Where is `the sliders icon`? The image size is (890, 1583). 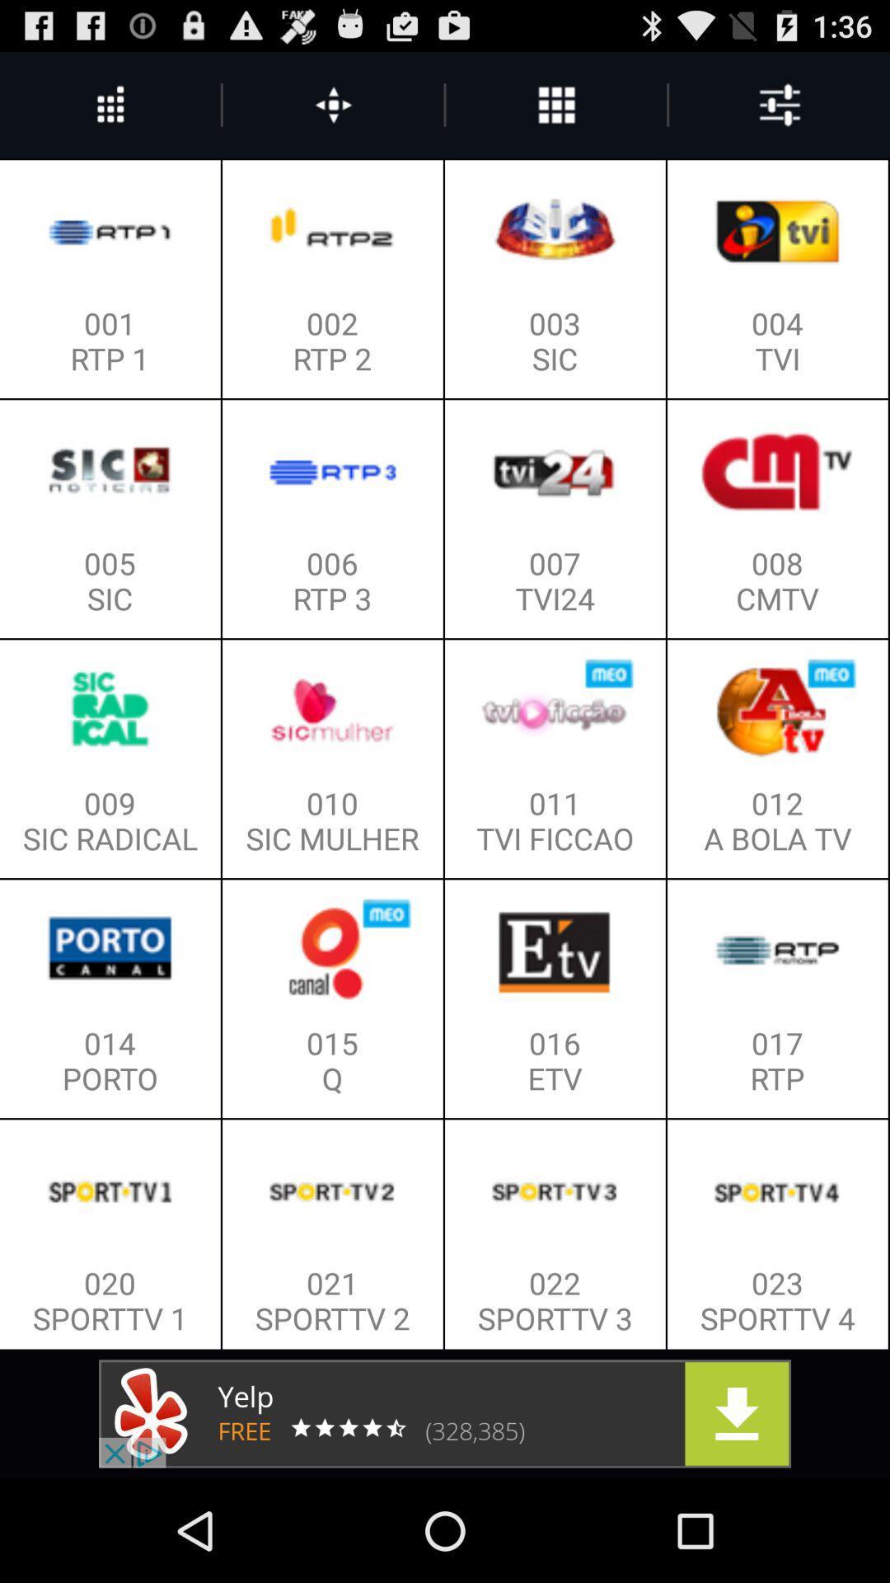 the sliders icon is located at coordinates (779, 111).